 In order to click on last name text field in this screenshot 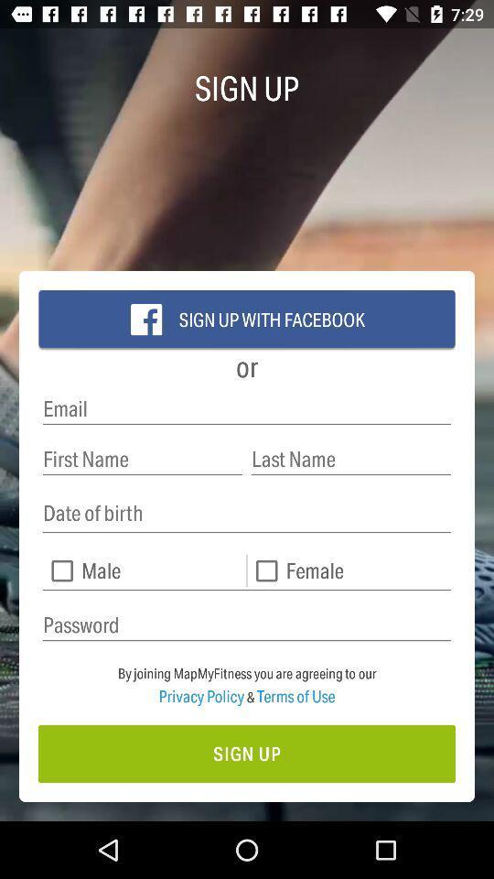, I will do `click(350, 458)`.